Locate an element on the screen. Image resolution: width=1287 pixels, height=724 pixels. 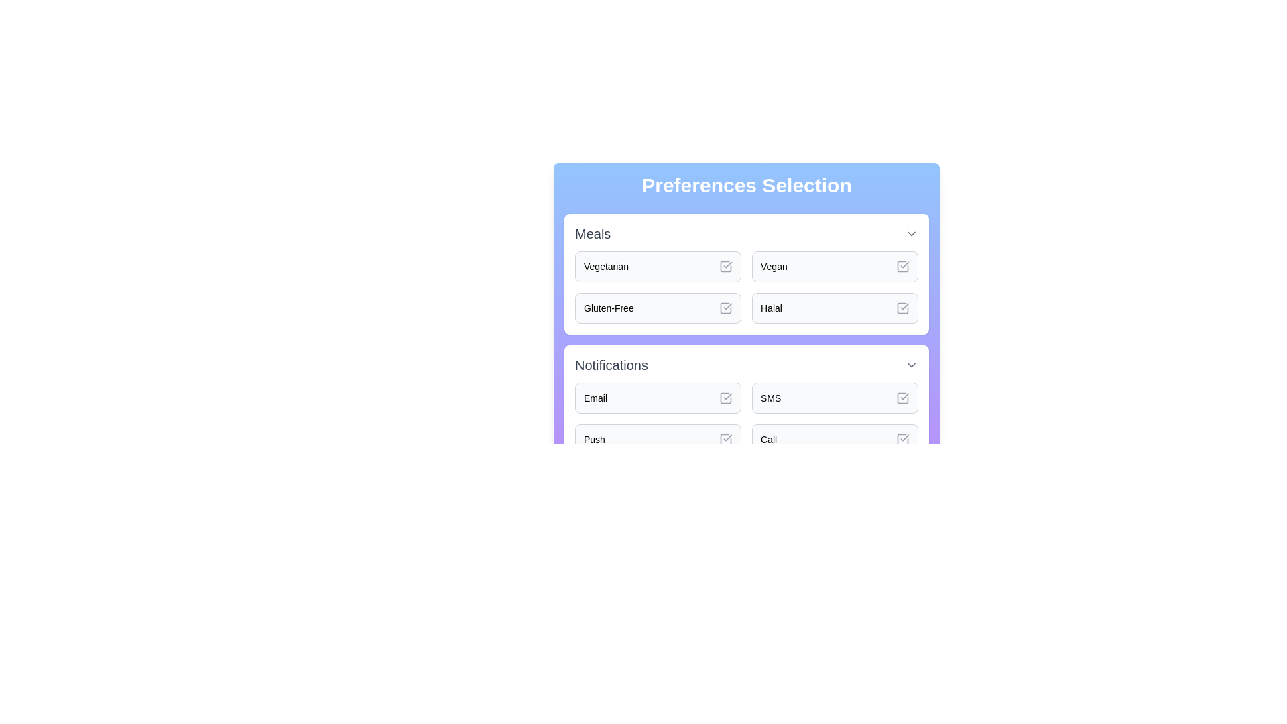
the 'Halal' label in the 'Meals' section of the 'Preferences Selection' interface to identify the dietary option it represents is located at coordinates (772, 308).